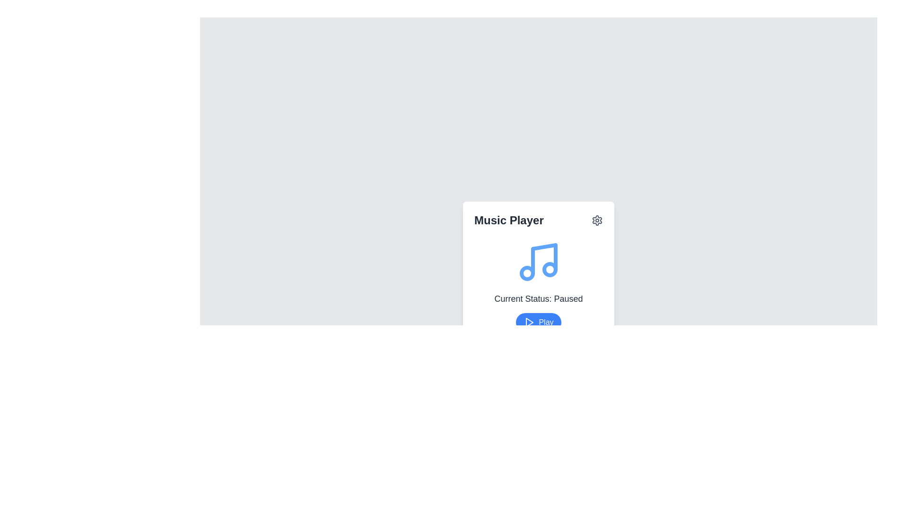 Image resolution: width=908 pixels, height=510 pixels. Describe the element at coordinates (530, 322) in the screenshot. I see `the triangular-shaped play icon within the blue circular button labeled 'Play'` at that location.